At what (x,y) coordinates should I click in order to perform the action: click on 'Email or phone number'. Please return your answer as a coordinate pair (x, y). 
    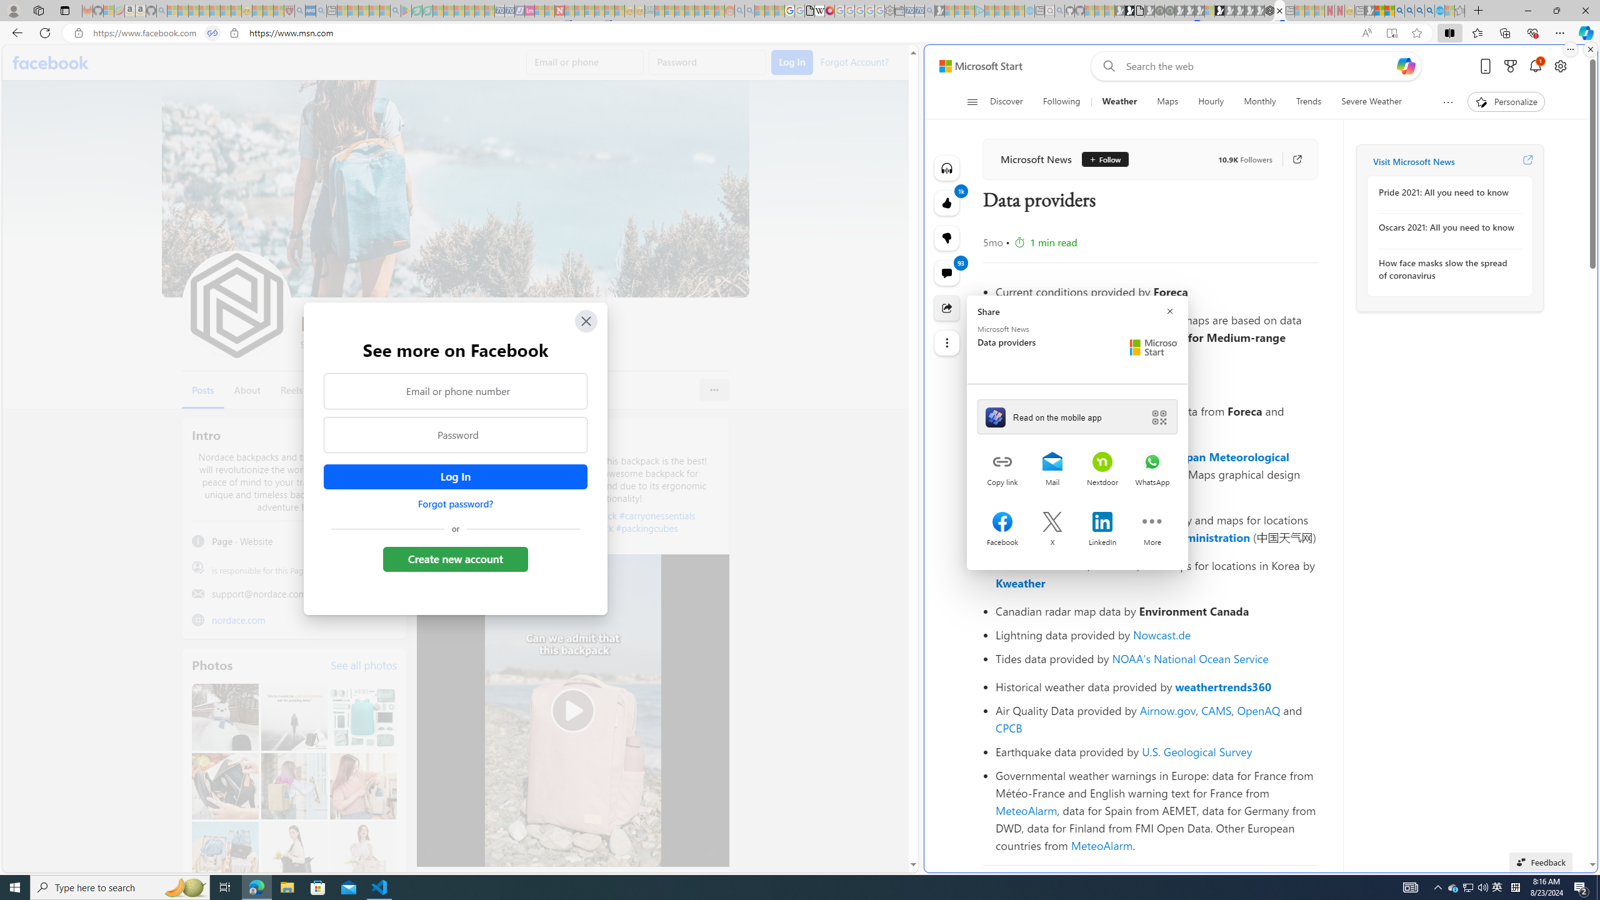
    Looking at the image, I should click on (456, 390).